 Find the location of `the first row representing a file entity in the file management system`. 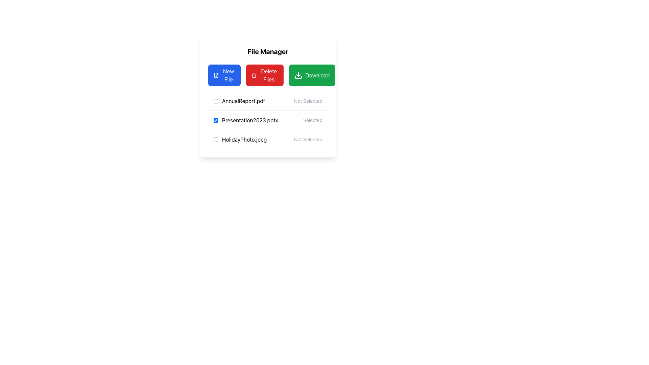

the first row representing a file entity in the file management system is located at coordinates (267, 101).